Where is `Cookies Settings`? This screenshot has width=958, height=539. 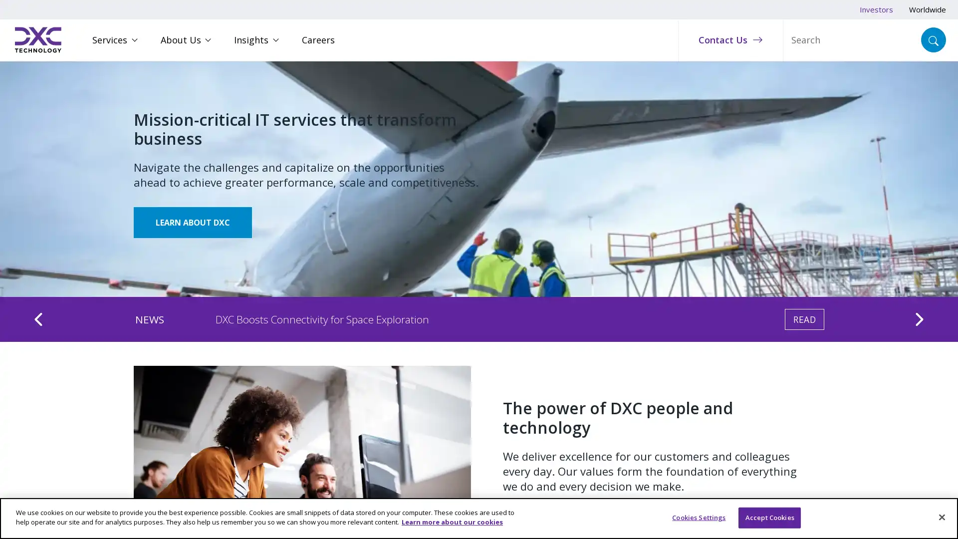 Cookies Settings is located at coordinates (698, 517).